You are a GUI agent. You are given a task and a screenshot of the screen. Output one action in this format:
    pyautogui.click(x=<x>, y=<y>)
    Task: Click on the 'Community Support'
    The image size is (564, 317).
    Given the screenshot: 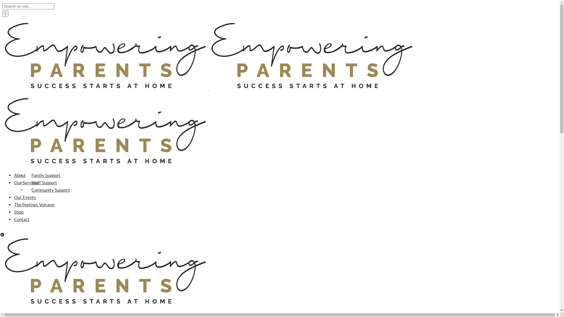 What is the action you would take?
    pyautogui.click(x=51, y=190)
    